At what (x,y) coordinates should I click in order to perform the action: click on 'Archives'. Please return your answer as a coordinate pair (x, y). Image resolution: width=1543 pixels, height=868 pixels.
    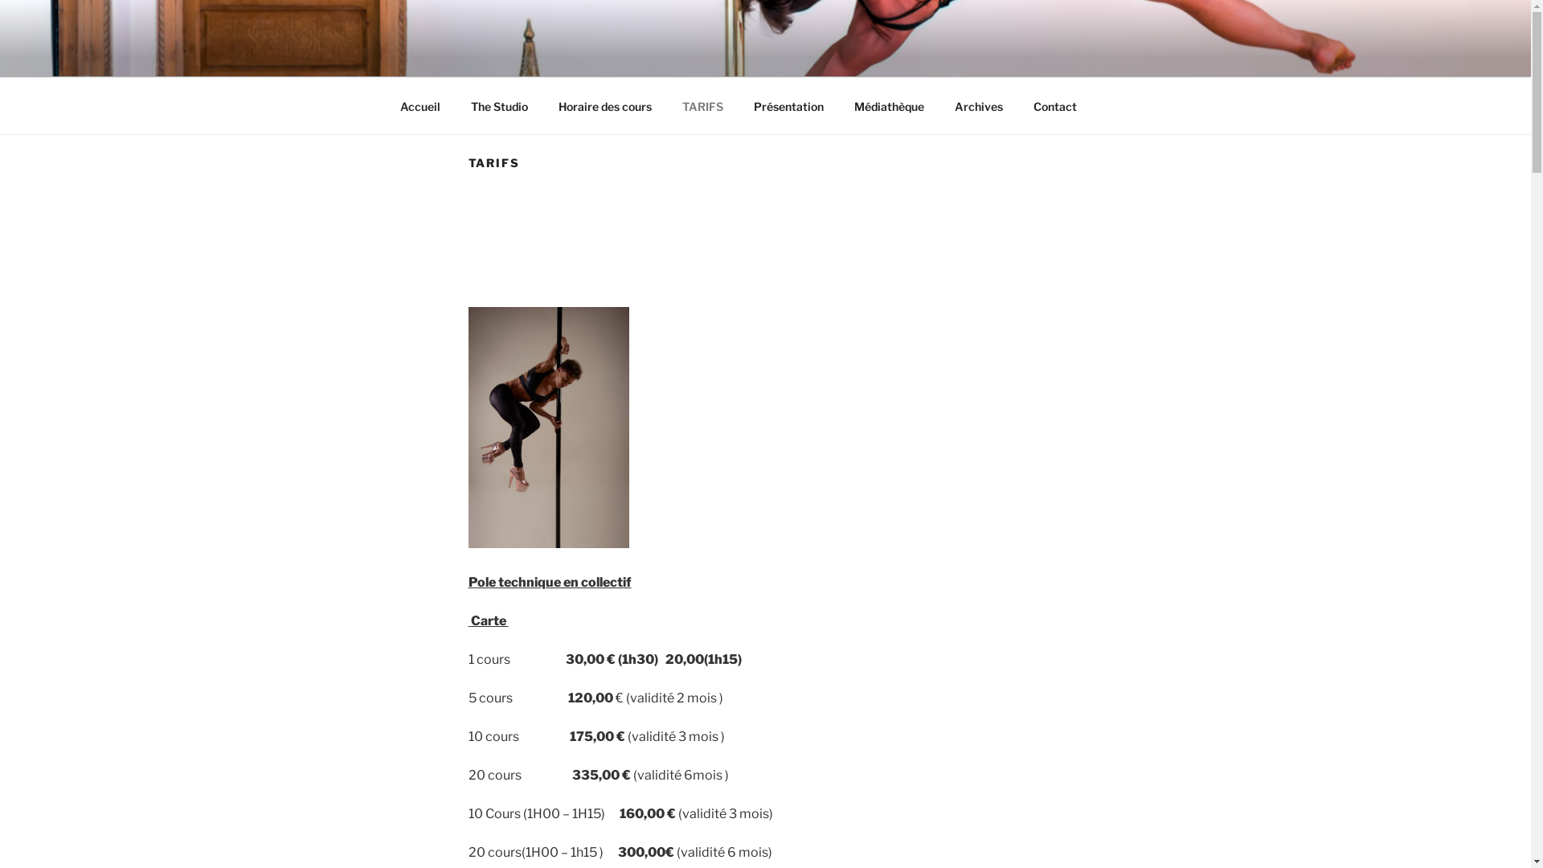
    Looking at the image, I should click on (940, 106).